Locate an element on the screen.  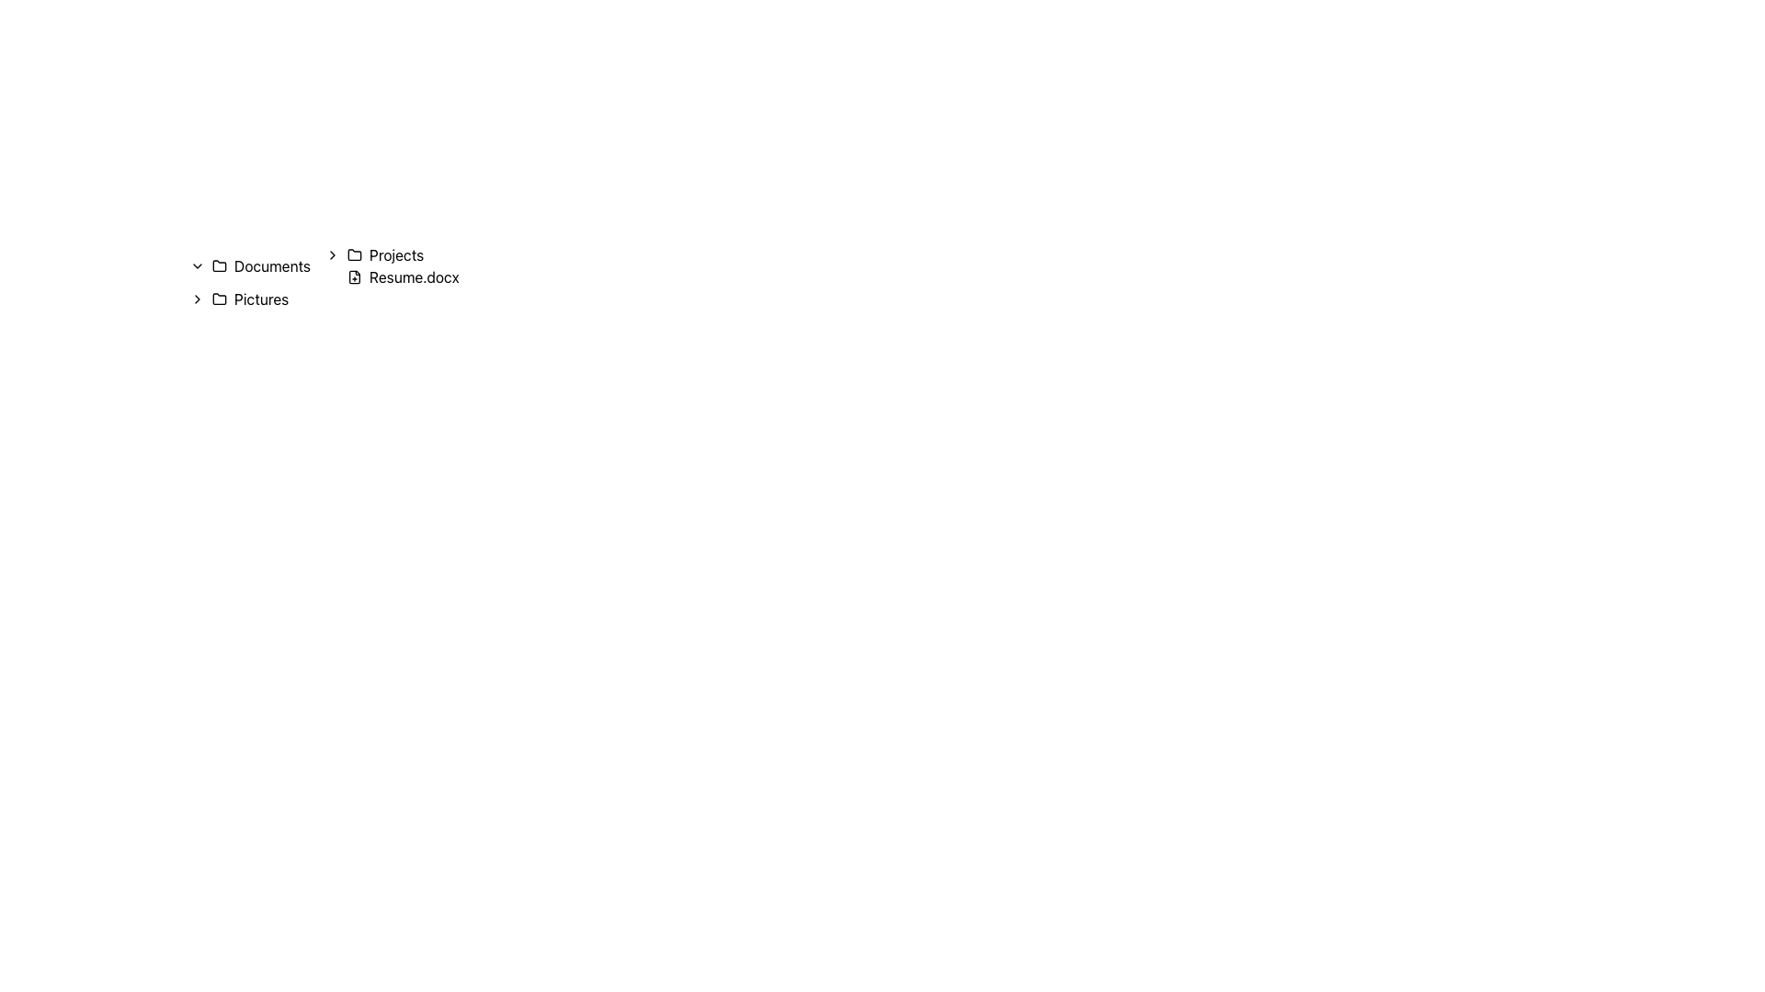
the label 'Resume.docx' in the file entry list is located at coordinates (413, 276).